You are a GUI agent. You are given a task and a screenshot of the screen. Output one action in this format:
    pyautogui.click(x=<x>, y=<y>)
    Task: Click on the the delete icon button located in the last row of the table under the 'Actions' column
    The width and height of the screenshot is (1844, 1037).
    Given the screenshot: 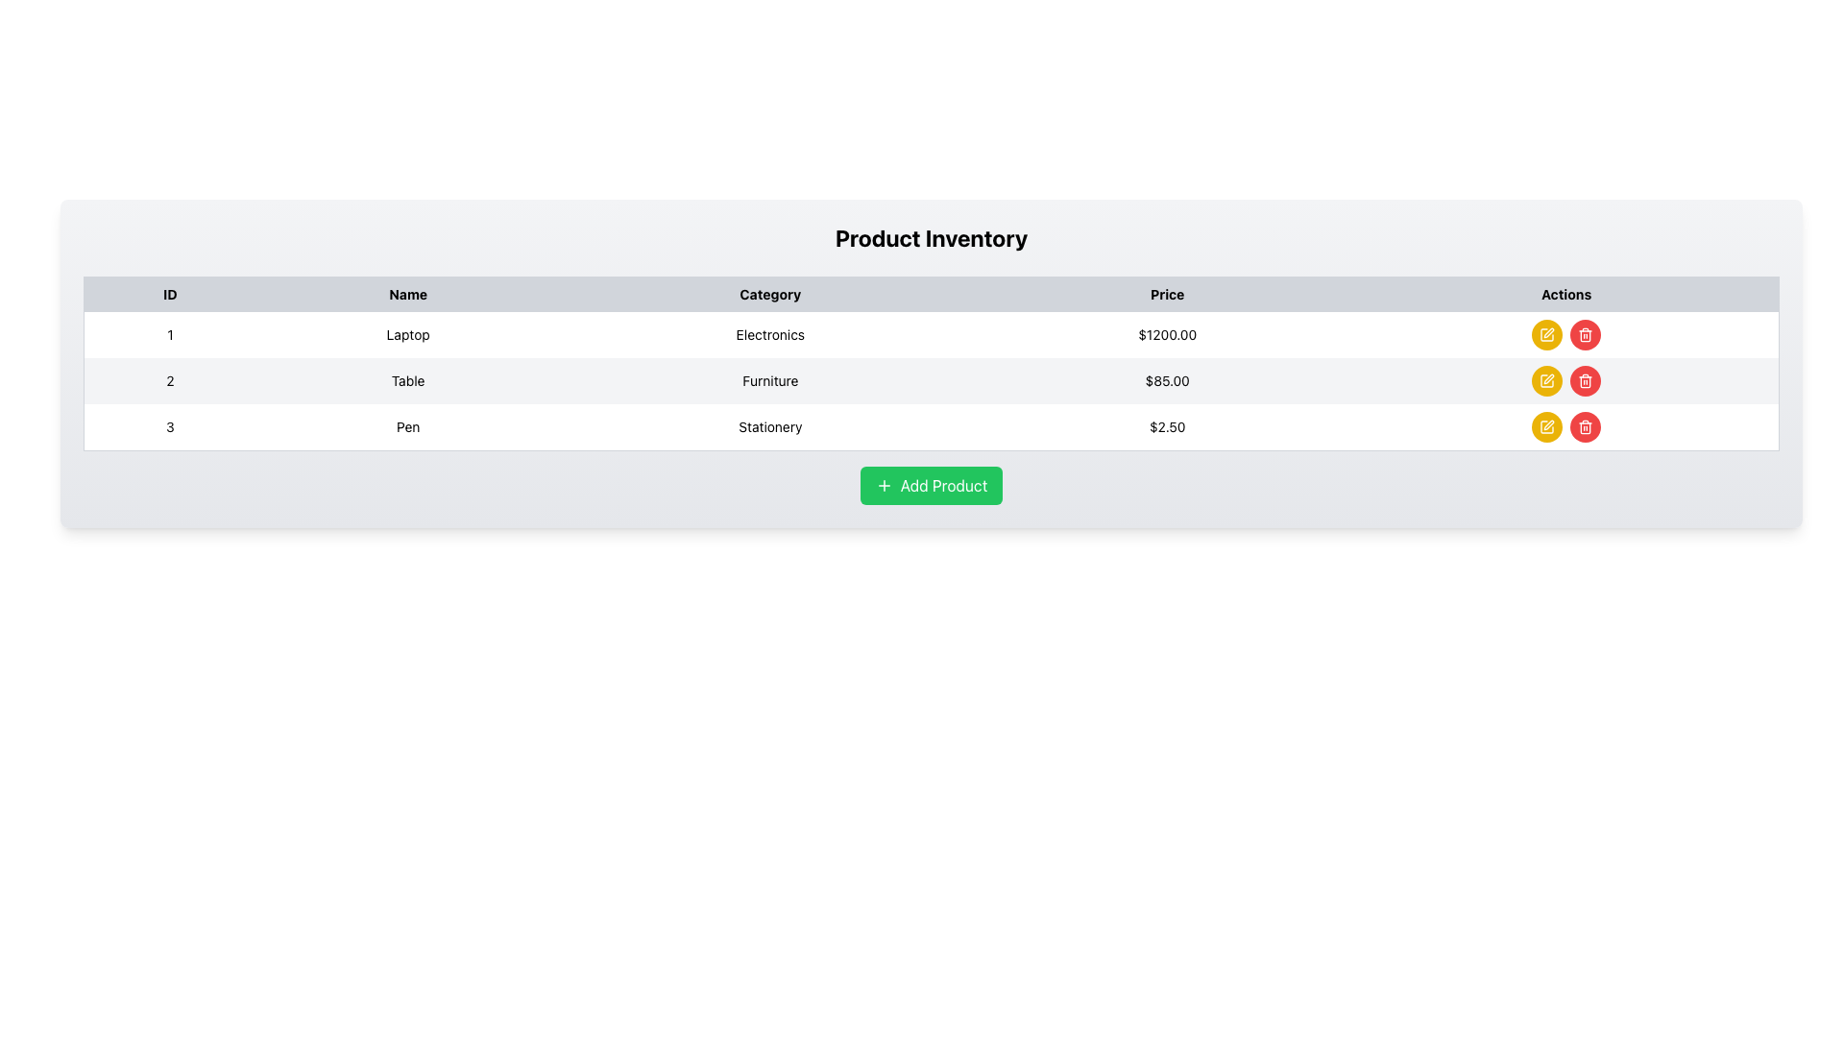 What is the action you would take?
    pyautogui.click(x=1586, y=381)
    